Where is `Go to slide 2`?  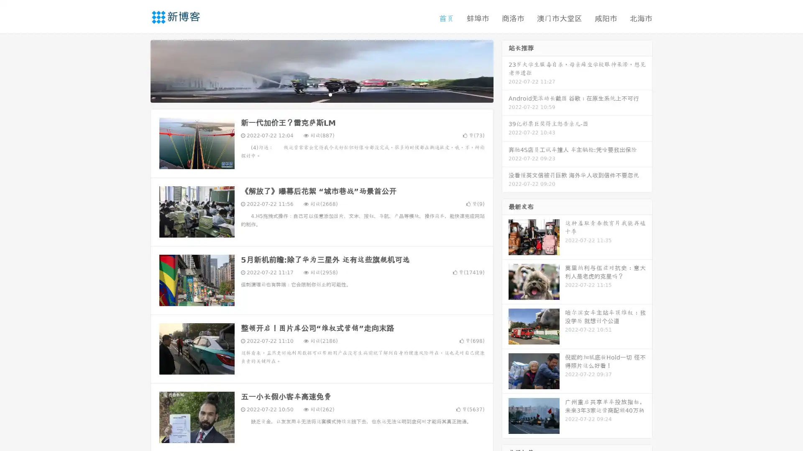
Go to slide 2 is located at coordinates (321, 94).